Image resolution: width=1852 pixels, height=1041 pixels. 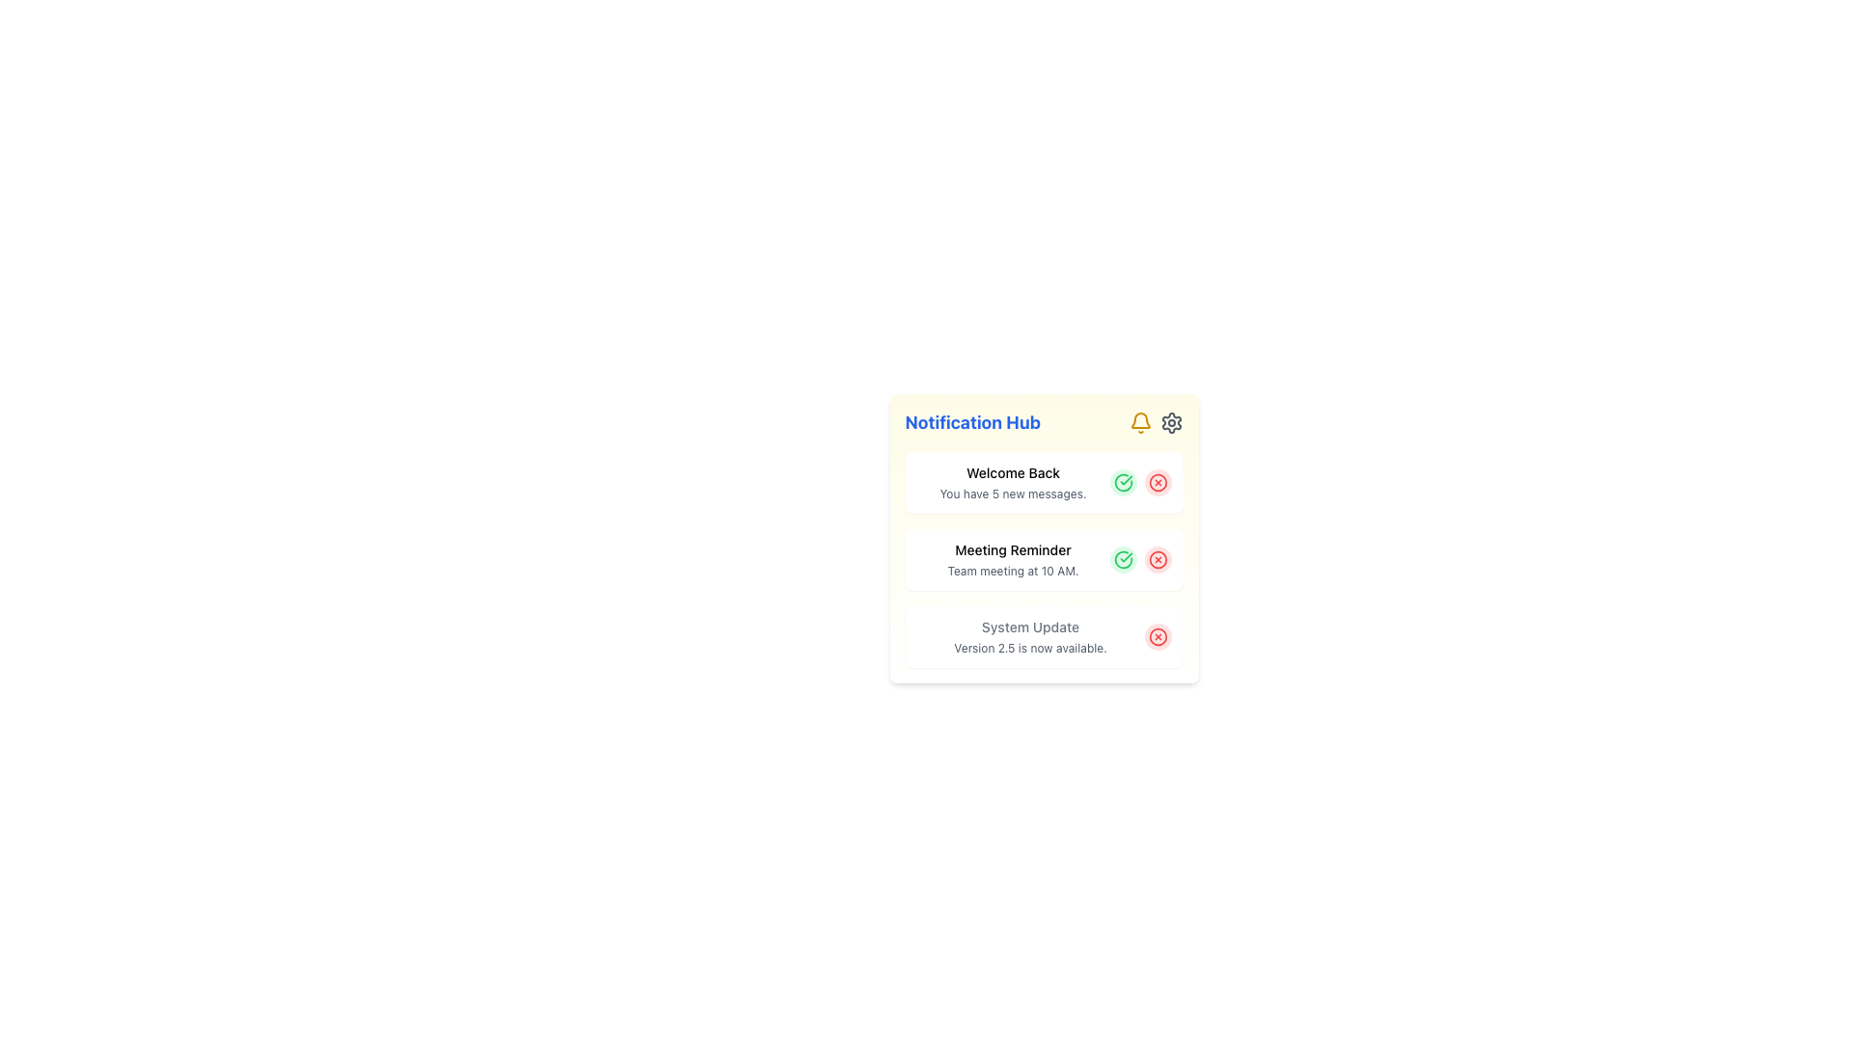 I want to click on the green circle in the Action group on the rightmost section of the 'Welcome Back' notification card, so click(x=1140, y=482).